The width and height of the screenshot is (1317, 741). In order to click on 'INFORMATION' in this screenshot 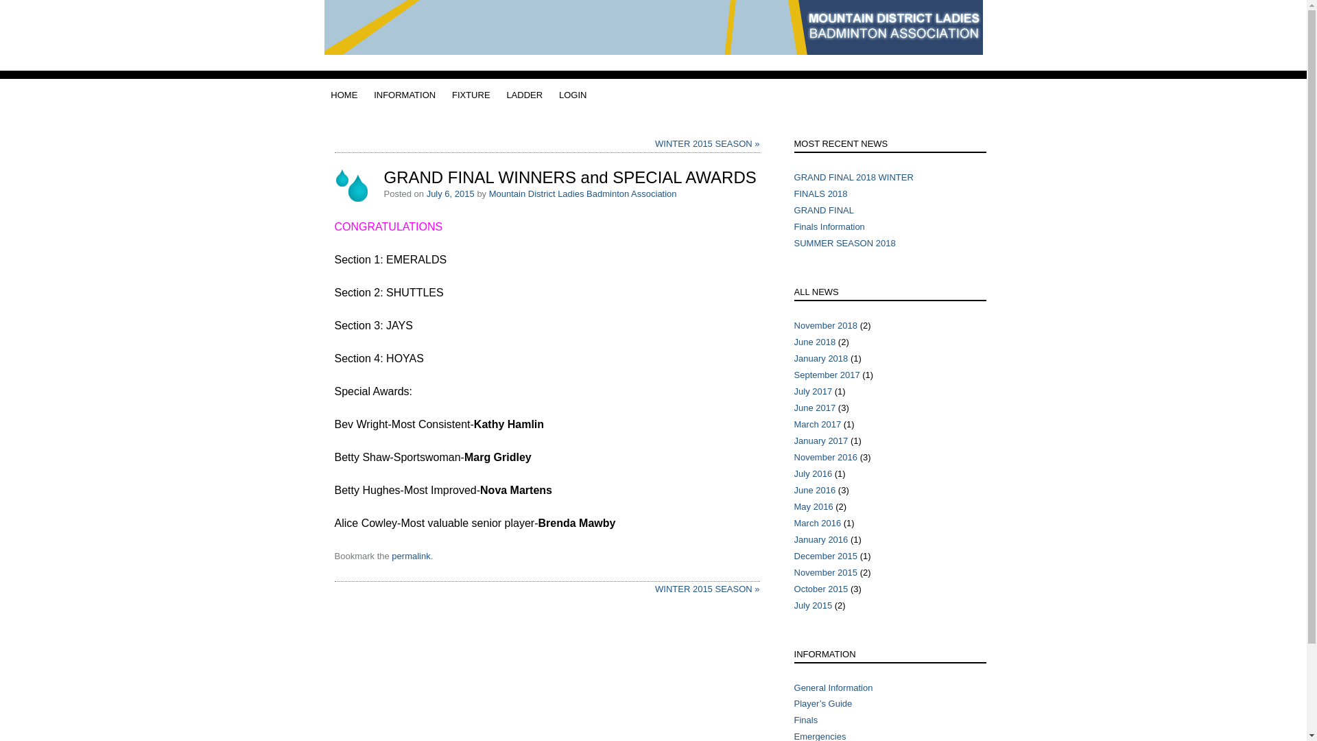, I will do `click(404, 94)`.